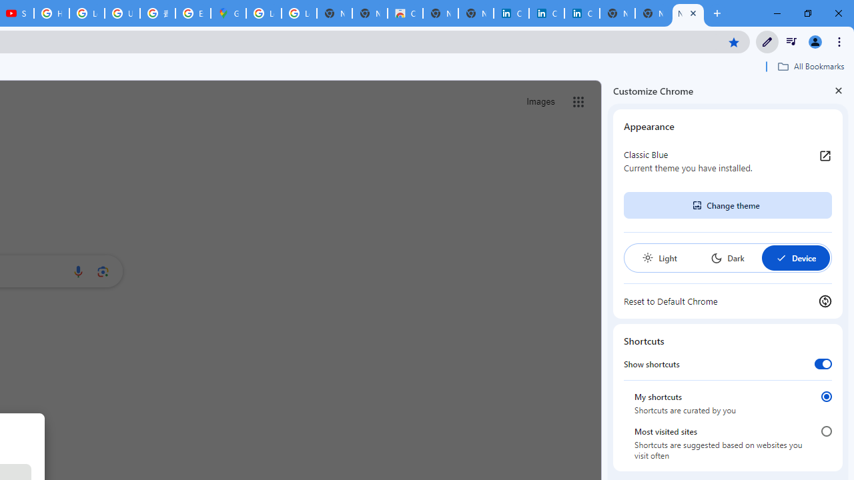  What do you see at coordinates (688, 13) in the screenshot?
I see `'New Tab'` at bounding box center [688, 13].